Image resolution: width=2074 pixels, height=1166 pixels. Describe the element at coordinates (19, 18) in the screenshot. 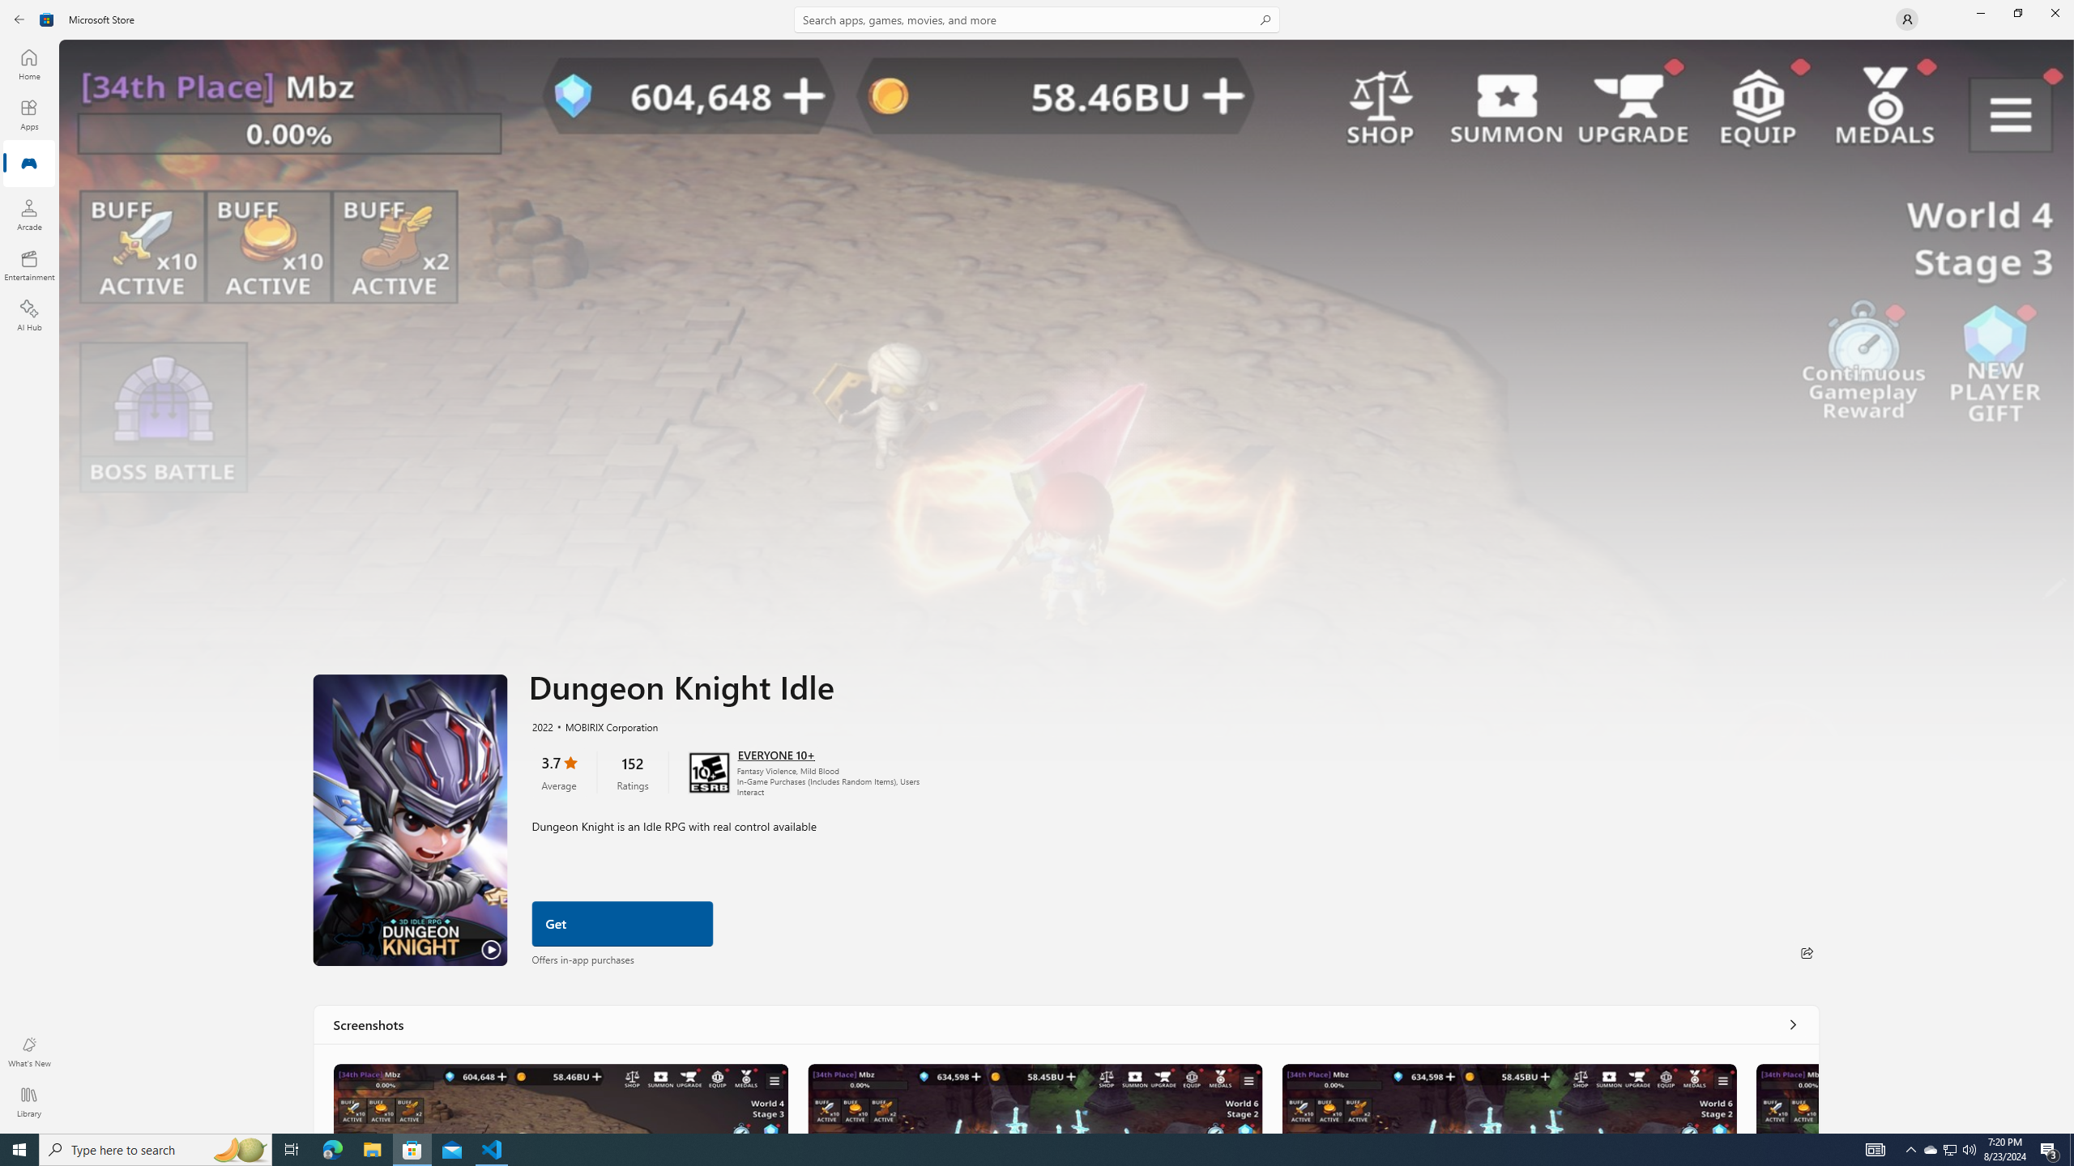

I see `'Back'` at that location.